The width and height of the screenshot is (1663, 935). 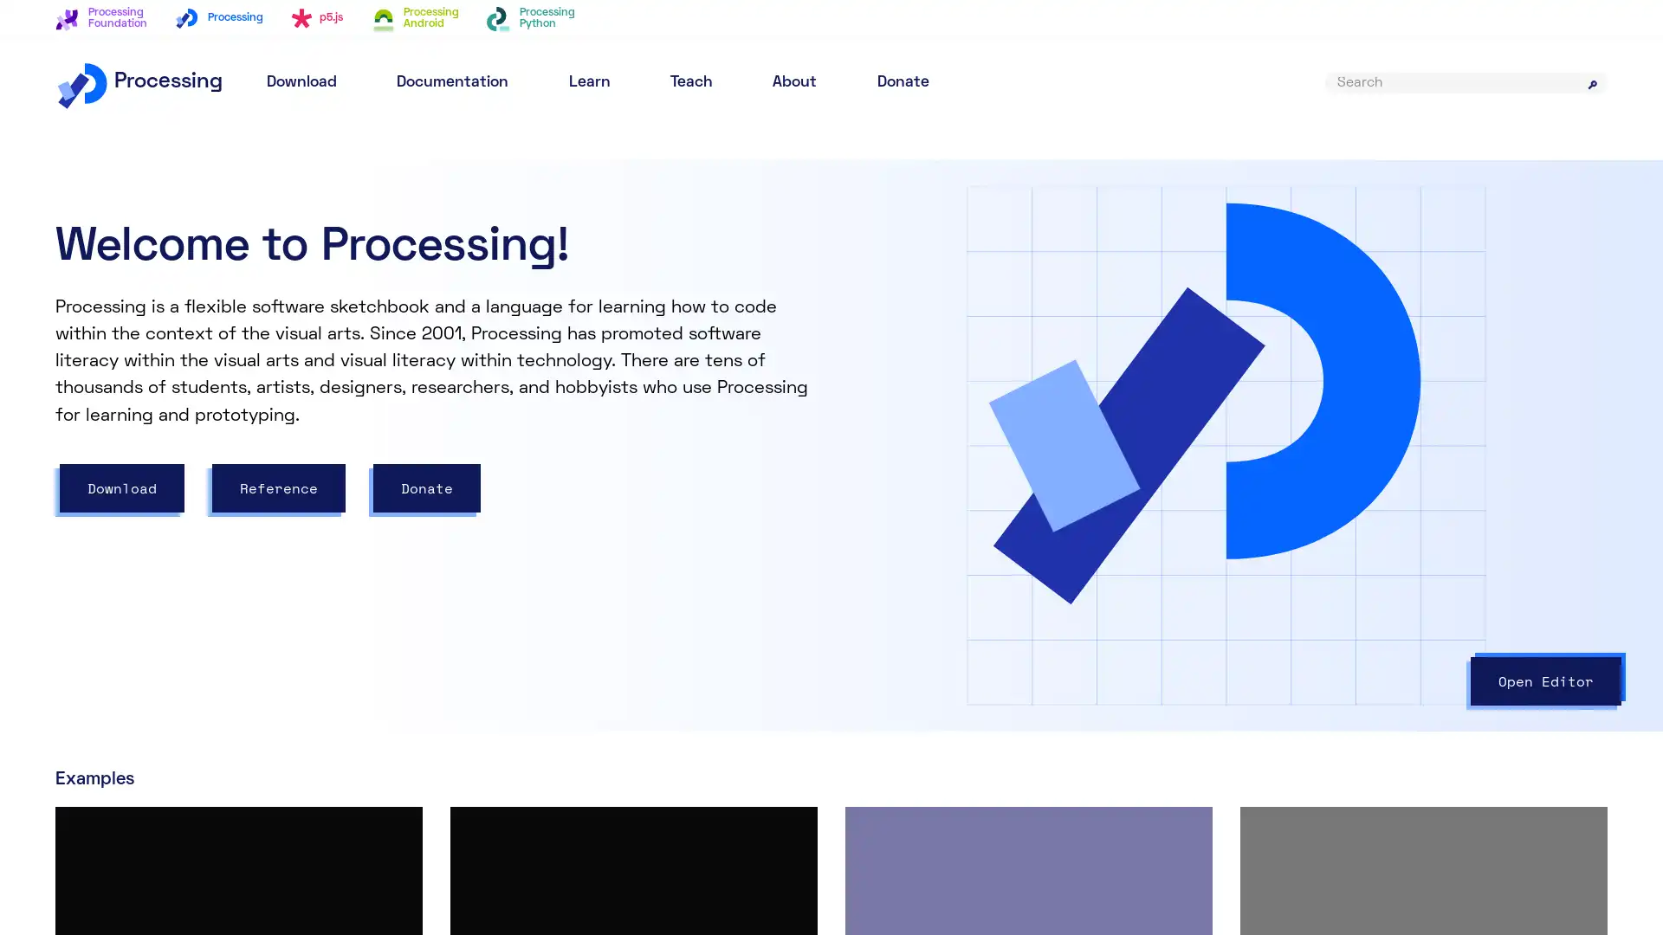 What do you see at coordinates (1048, 474) in the screenshot?
I see `change position` at bounding box center [1048, 474].